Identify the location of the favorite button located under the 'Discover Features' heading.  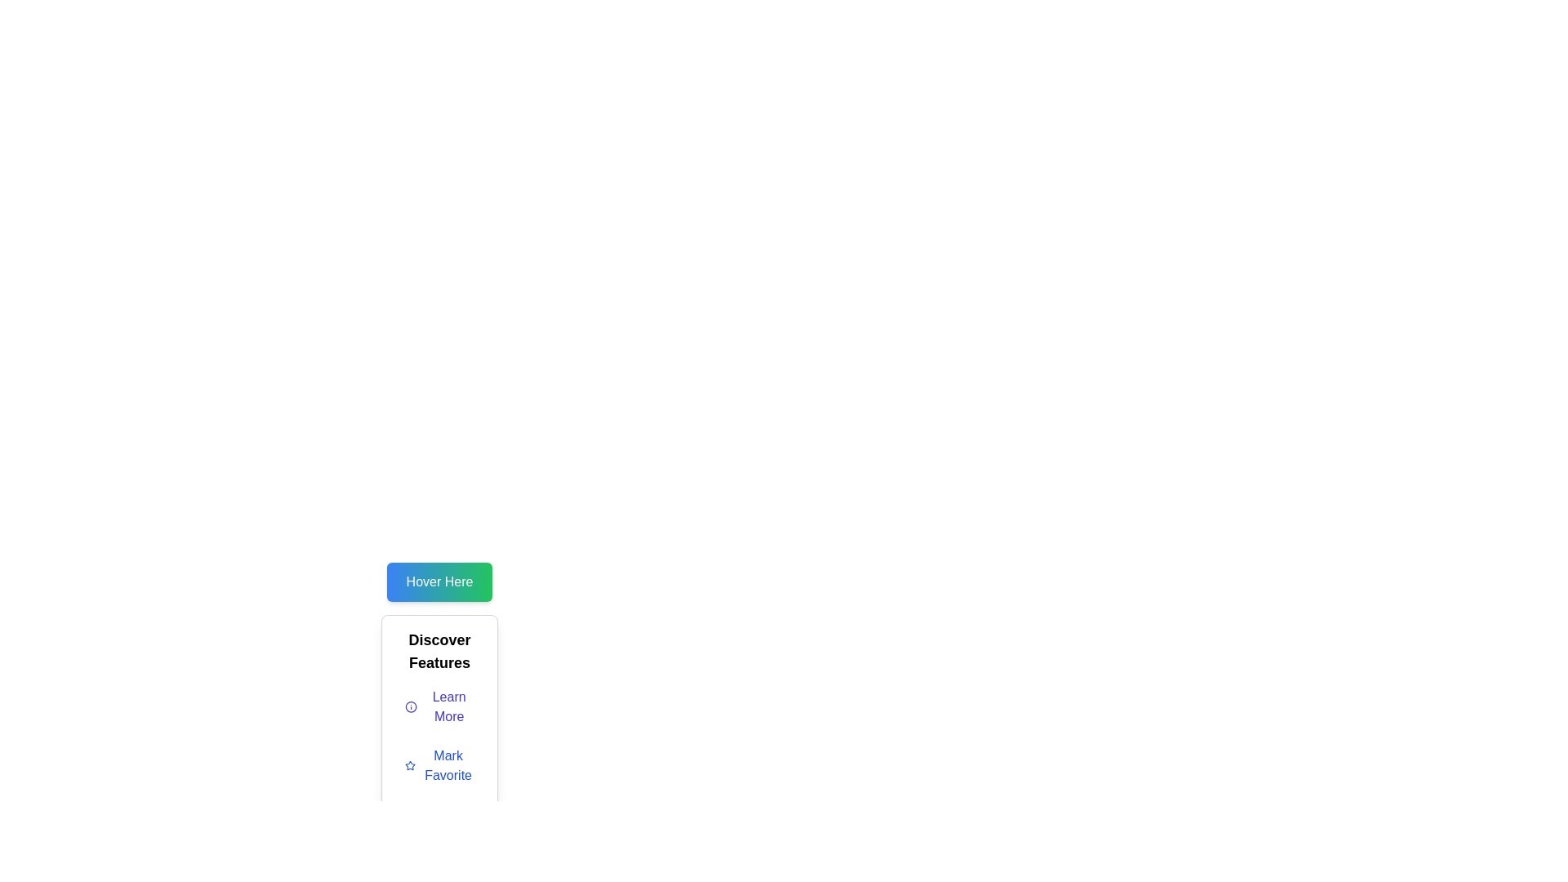
(439, 765).